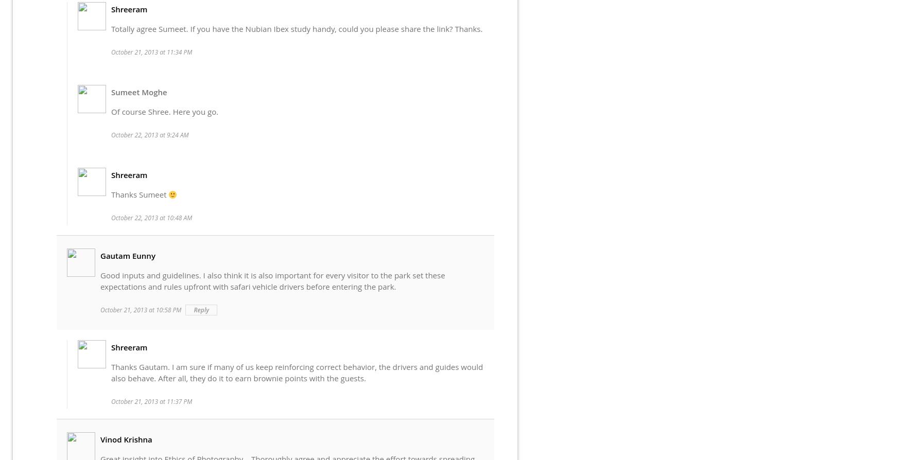  Describe the element at coordinates (141, 111) in the screenshot. I see `'Of course Shree.'` at that location.